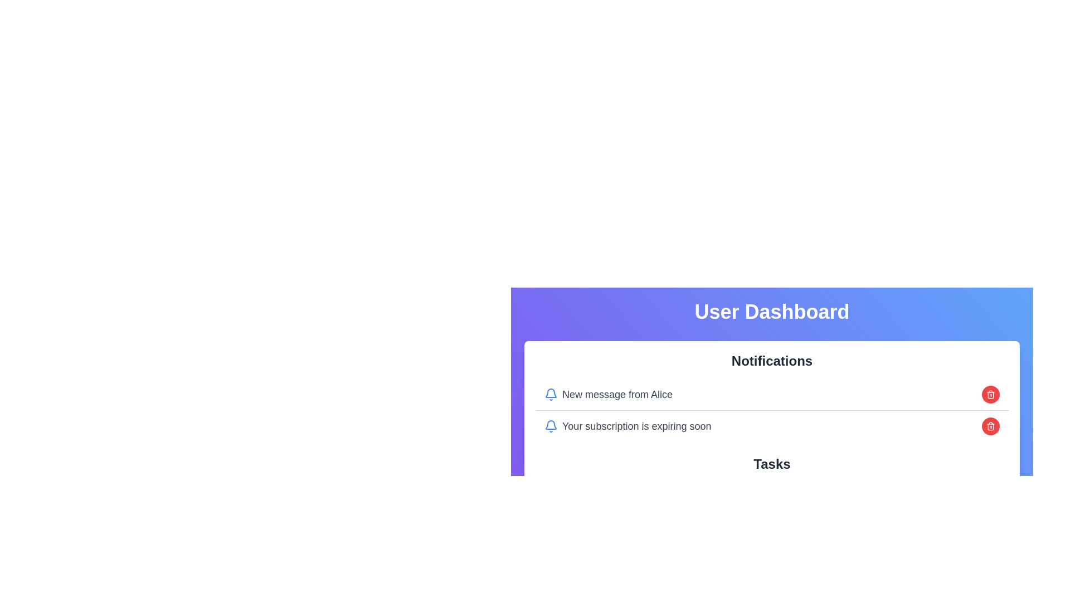 This screenshot has height=602, width=1070. Describe the element at coordinates (990, 394) in the screenshot. I see `the circular red button with a white trash can icon located in the top-right of the notification entry for 'New message from Alice' in the 'Notifications' section to trigger a tooltip or visual feedback` at that location.